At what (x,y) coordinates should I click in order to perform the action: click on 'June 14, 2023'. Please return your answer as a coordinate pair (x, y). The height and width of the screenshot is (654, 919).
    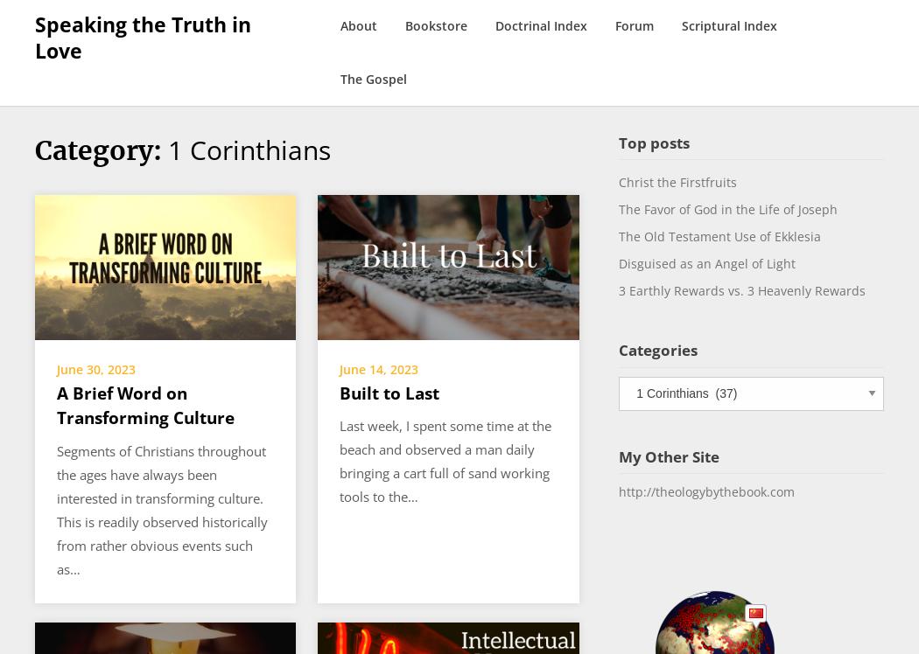
    Looking at the image, I should click on (378, 368).